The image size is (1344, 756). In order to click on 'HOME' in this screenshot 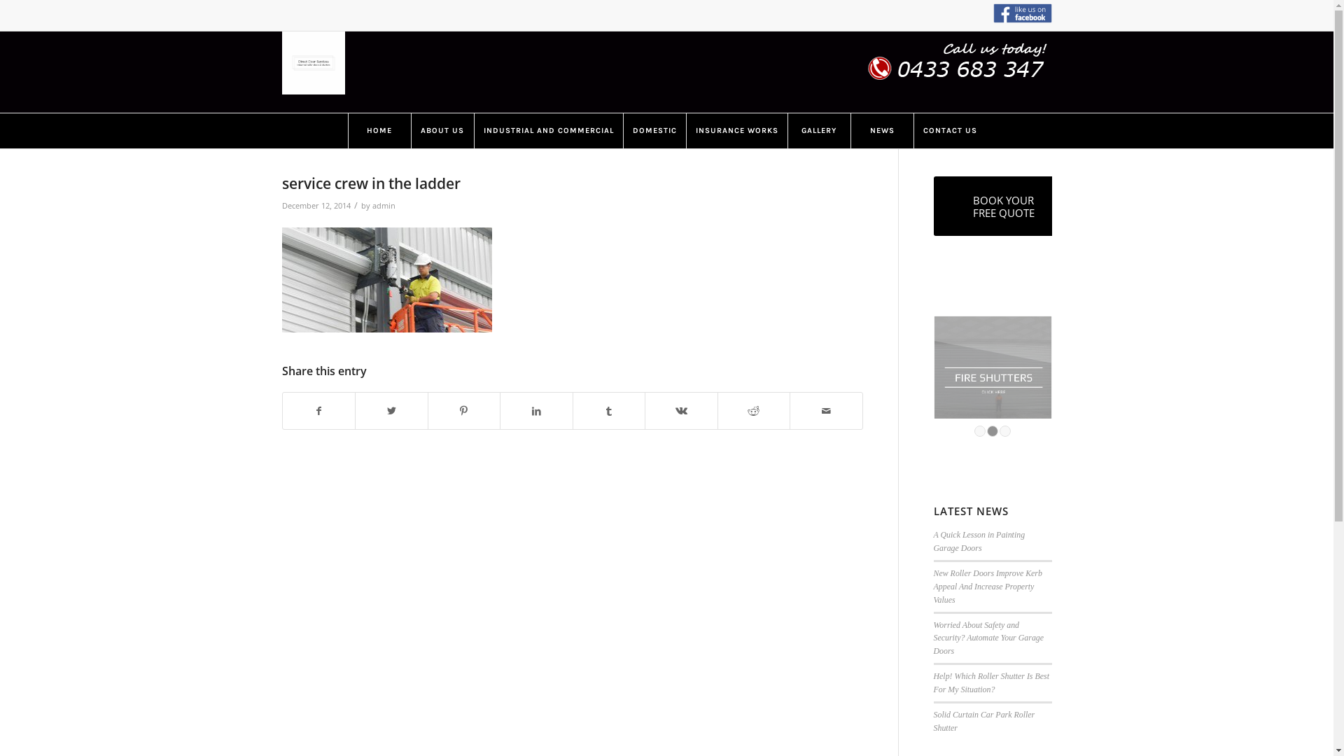, I will do `click(379, 130)`.